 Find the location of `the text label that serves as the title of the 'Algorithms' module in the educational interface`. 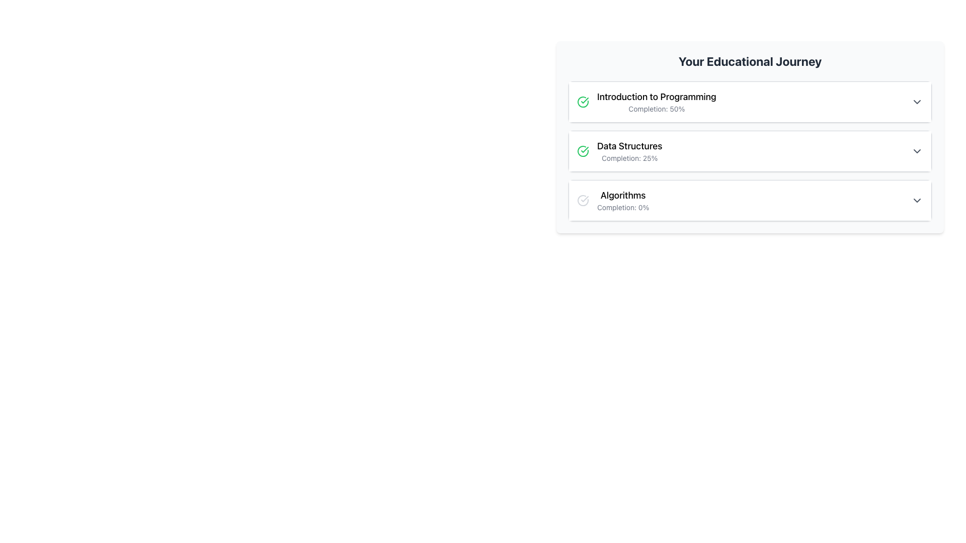

the text label that serves as the title of the 'Algorithms' module in the educational interface is located at coordinates (622, 196).